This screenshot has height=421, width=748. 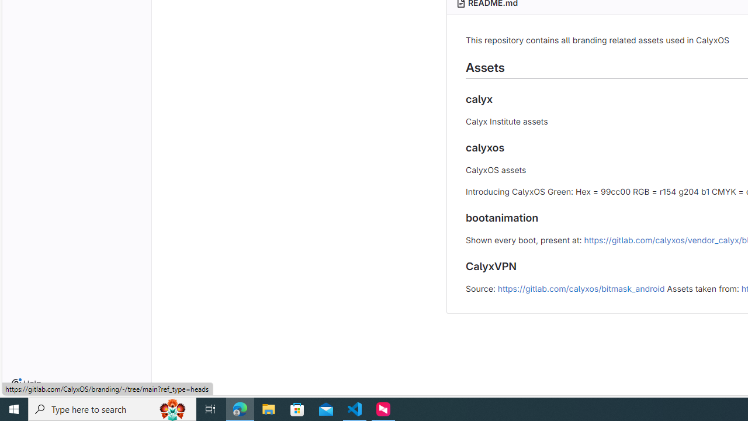 I want to click on 'https://gitlab.com/calyxos/bitmask_android', so click(x=581, y=288).